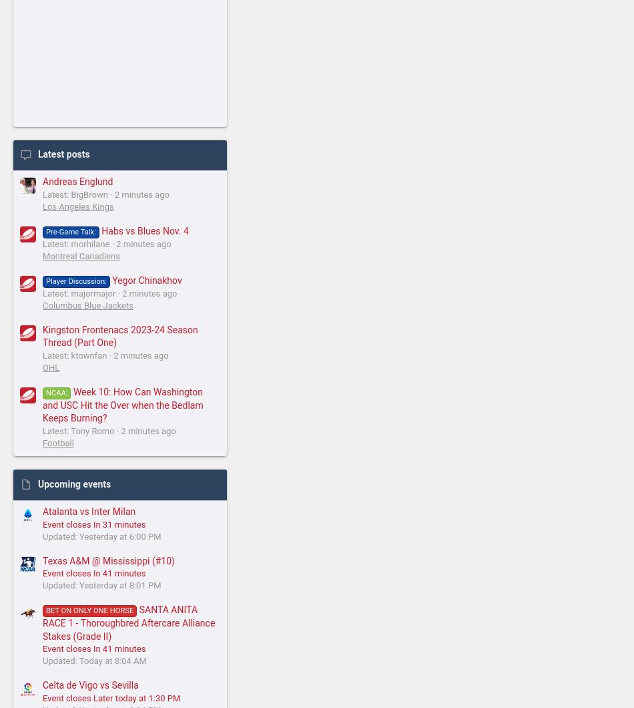 This screenshot has width=634, height=708. I want to click on 'Click to see all Announcements regarding services and features. This forum isn't empty :)', so click(140, 510).